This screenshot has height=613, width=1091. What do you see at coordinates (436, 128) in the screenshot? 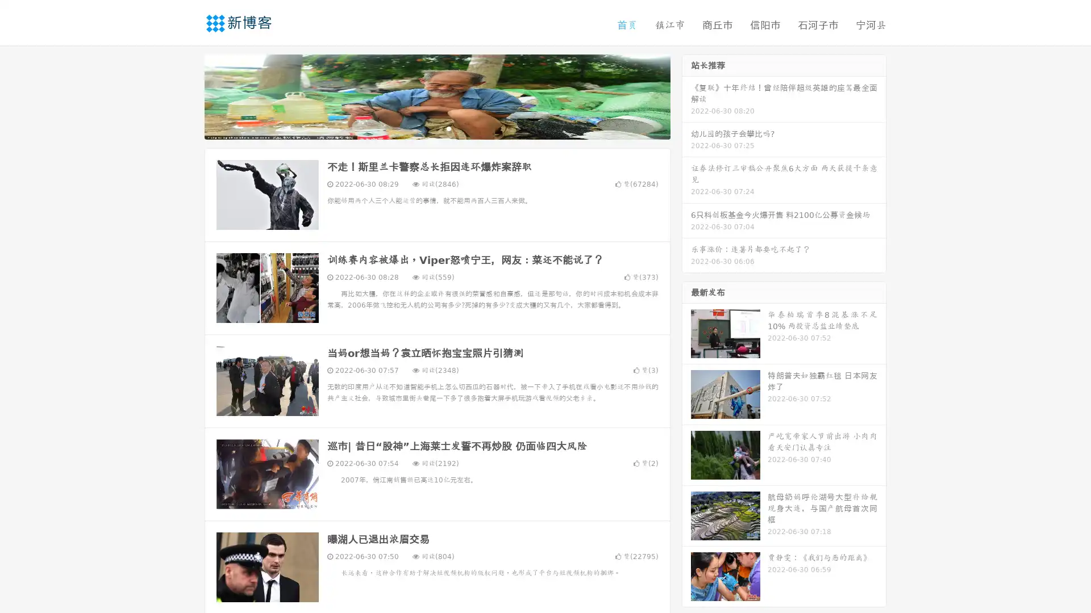
I see `Go to slide 2` at bounding box center [436, 128].